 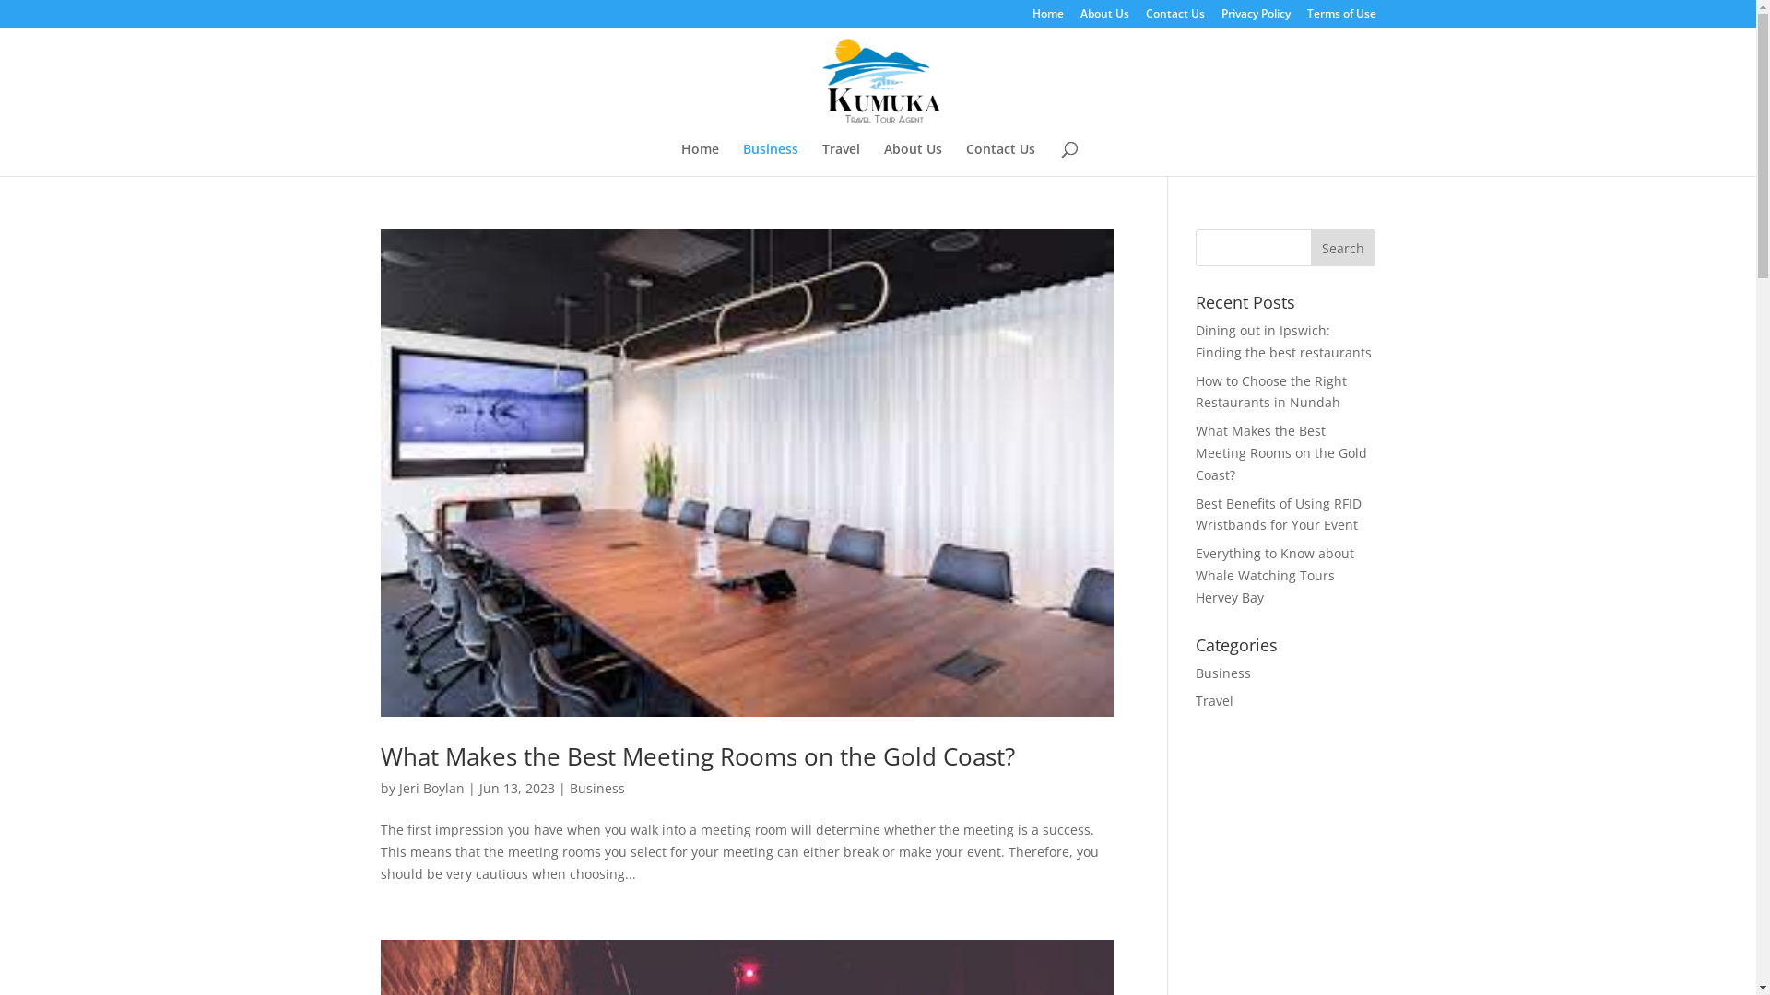 What do you see at coordinates (1343, 247) in the screenshot?
I see `'Search'` at bounding box center [1343, 247].